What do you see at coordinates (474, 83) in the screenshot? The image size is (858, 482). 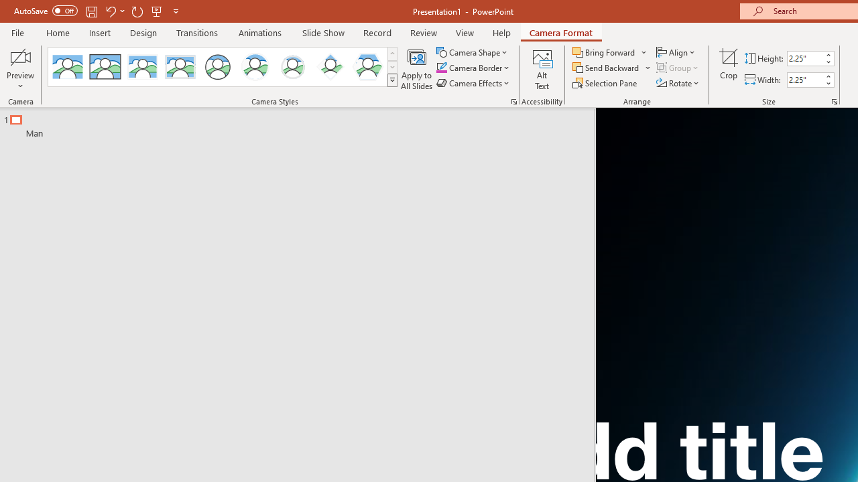 I see `'Camera Effects'` at bounding box center [474, 83].